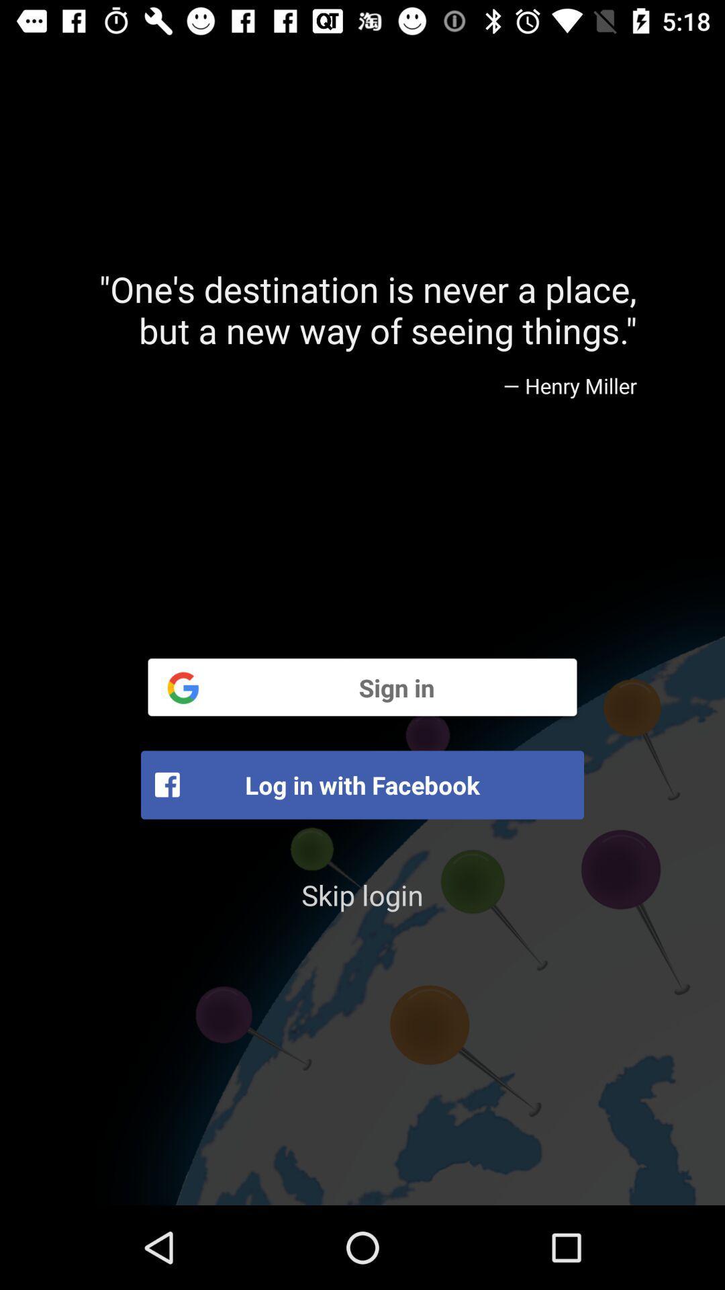 This screenshot has width=725, height=1290. What do you see at coordinates (362, 894) in the screenshot?
I see `the item below the log in with icon` at bounding box center [362, 894].